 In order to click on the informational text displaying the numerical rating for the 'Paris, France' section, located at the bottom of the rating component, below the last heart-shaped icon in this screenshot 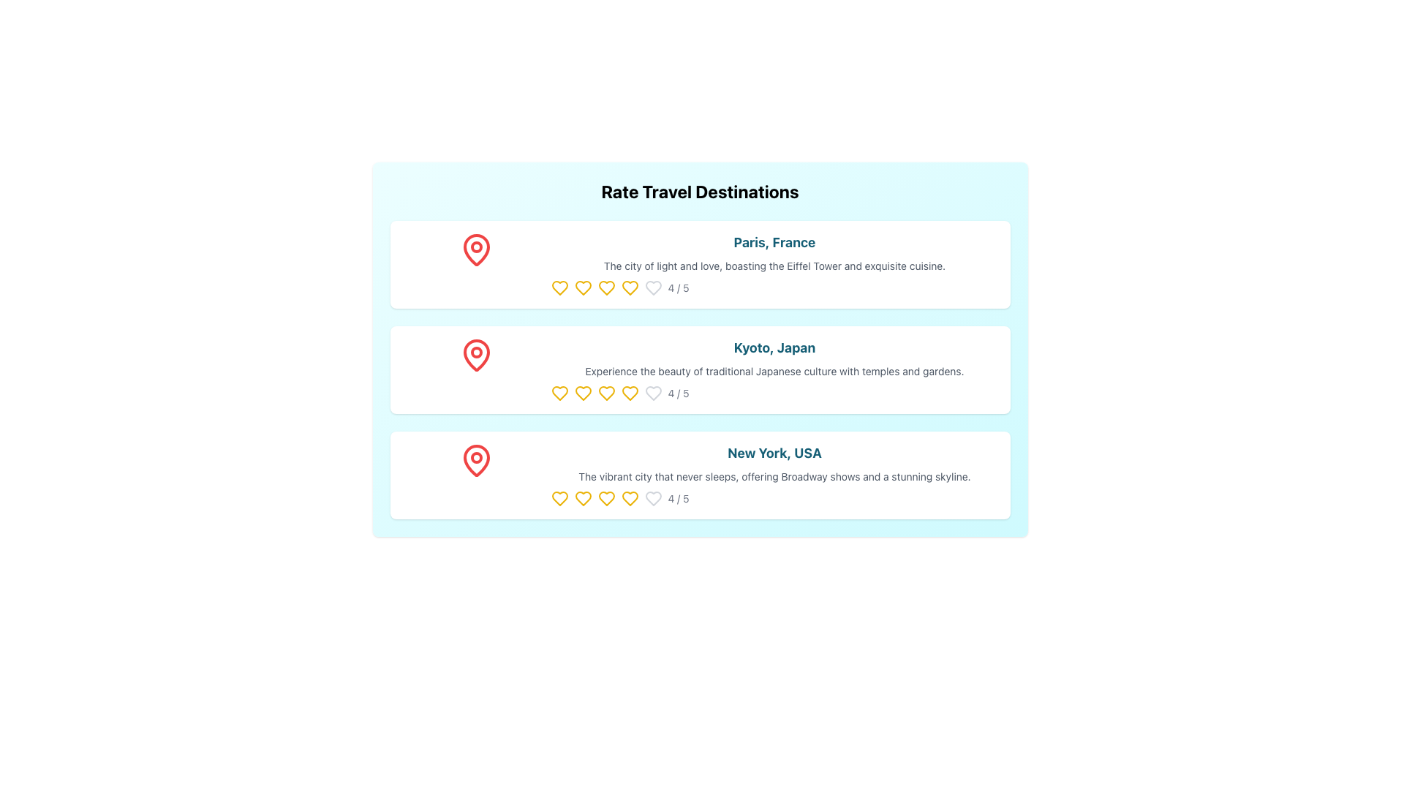, I will do `click(677, 287)`.